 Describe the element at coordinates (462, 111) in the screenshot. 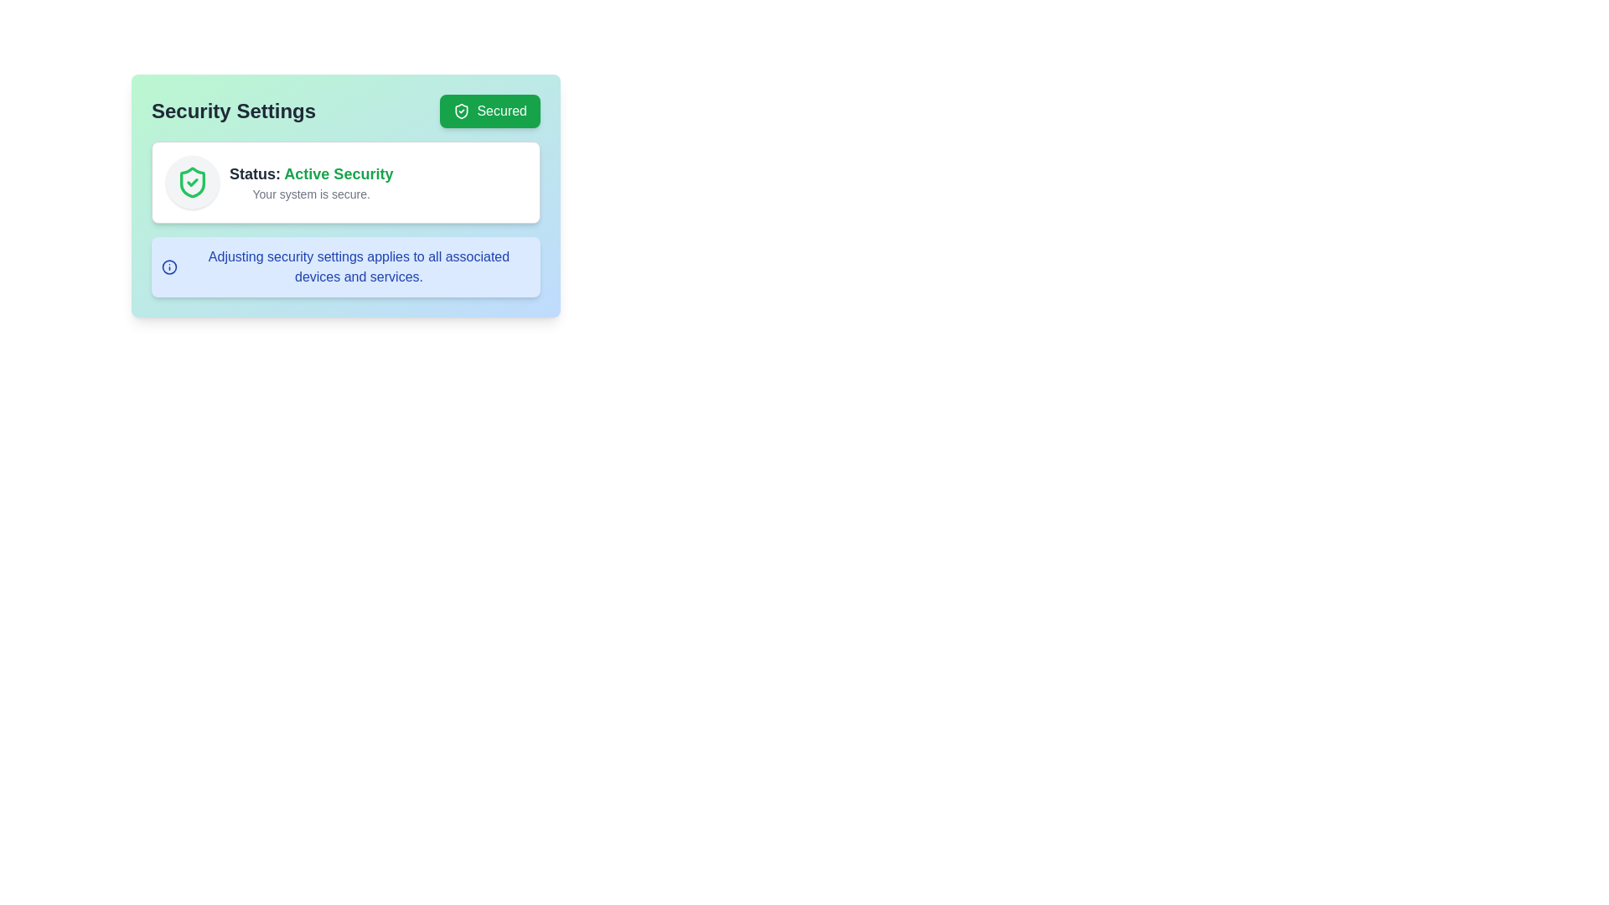

I see `the security status icon located within the button at the upper-right corner of the 'Security Settings' card, which precedes the text 'Secured'` at that location.